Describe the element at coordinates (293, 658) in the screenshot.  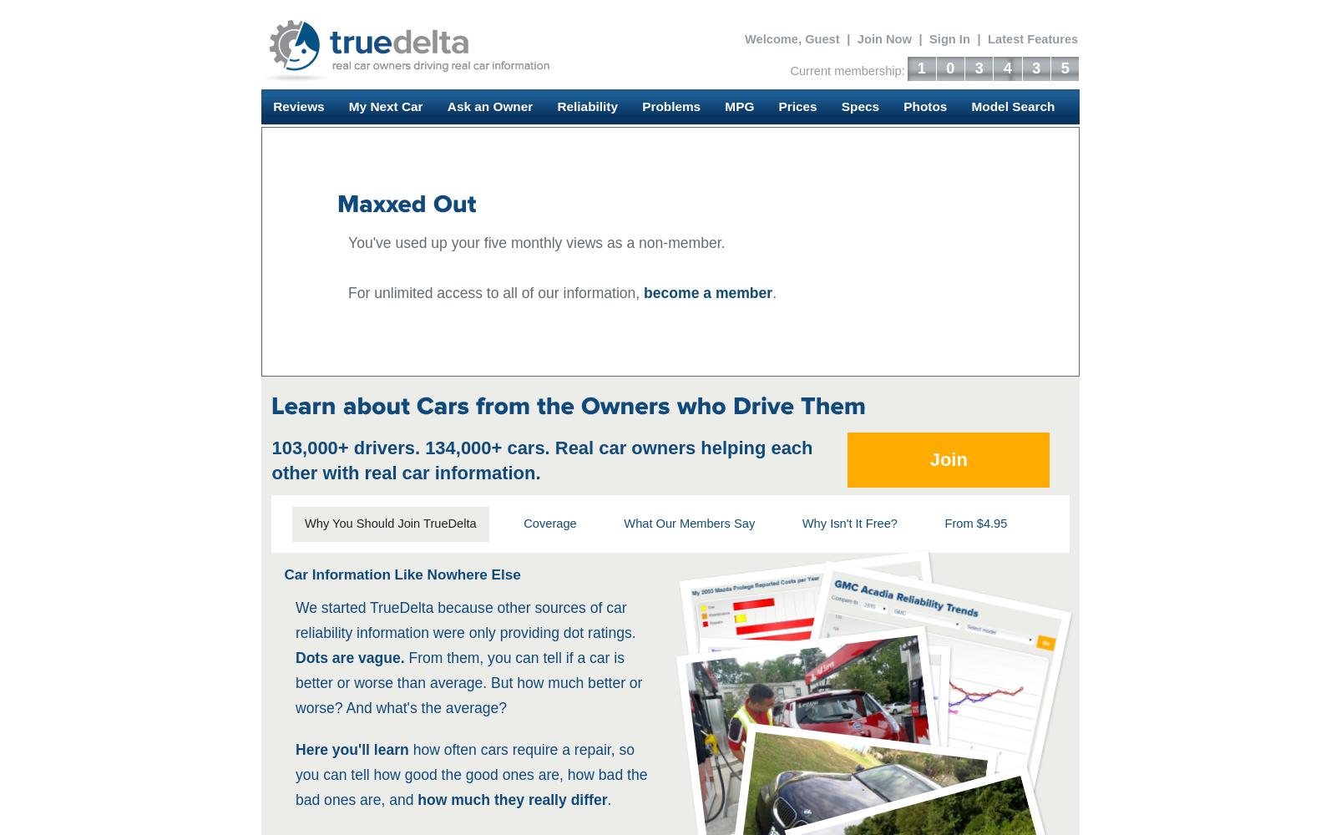
I see `'Dots are vague.'` at that location.